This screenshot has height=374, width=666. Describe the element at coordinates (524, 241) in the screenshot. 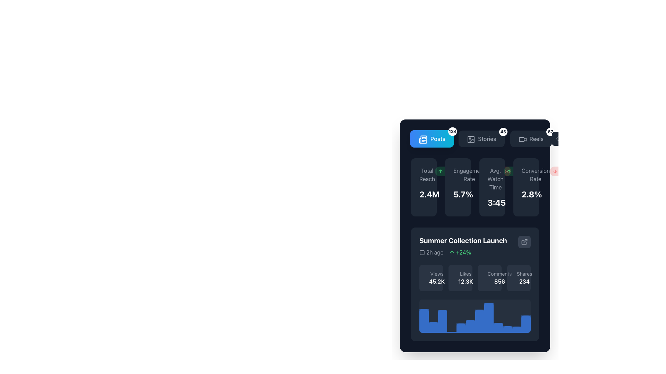

I see `the square-shaped button with a dark gray background and an arrow icon in the top-right corner of the 'Summer Collection Launch' section for accessibility` at that location.